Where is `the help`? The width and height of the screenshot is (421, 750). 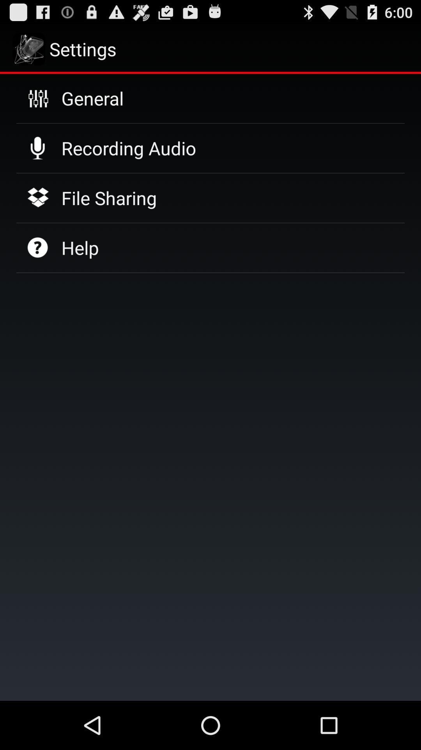
the help is located at coordinates (80, 247).